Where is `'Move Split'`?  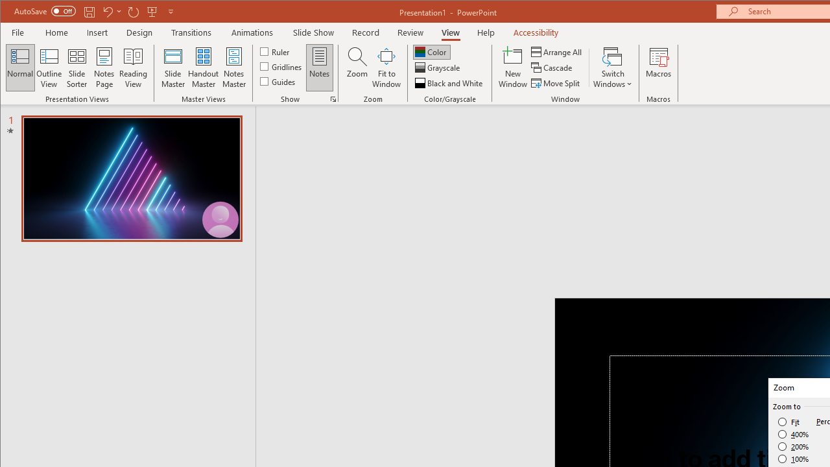 'Move Split' is located at coordinates (556, 83).